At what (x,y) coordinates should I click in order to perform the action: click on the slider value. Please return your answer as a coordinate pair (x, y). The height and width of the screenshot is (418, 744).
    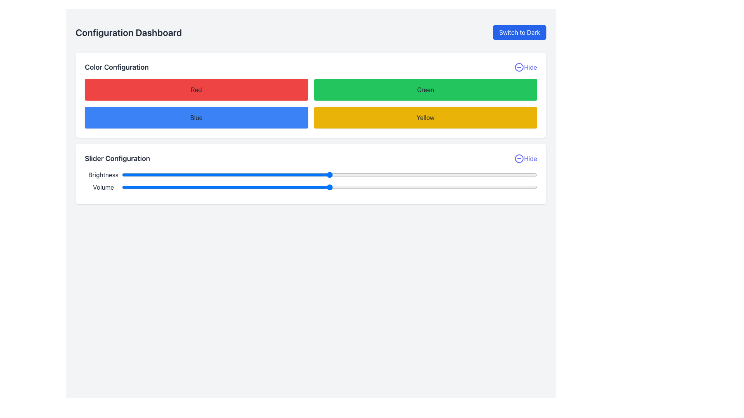
    Looking at the image, I should click on (458, 187).